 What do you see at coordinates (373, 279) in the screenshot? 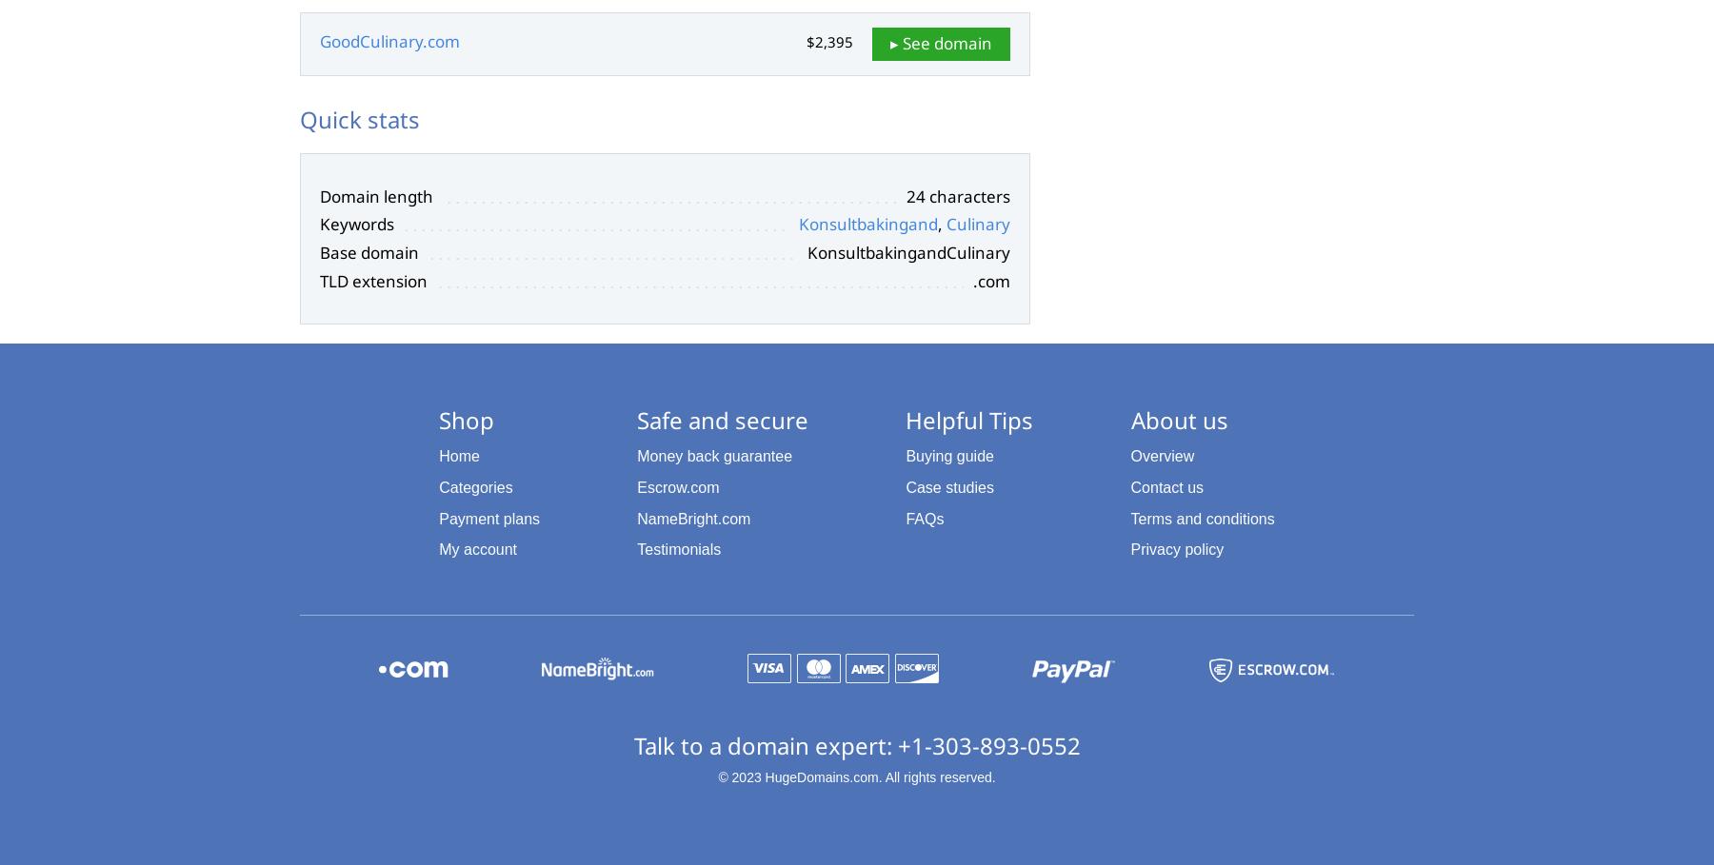
I see `'TLD extension'` at bounding box center [373, 279].